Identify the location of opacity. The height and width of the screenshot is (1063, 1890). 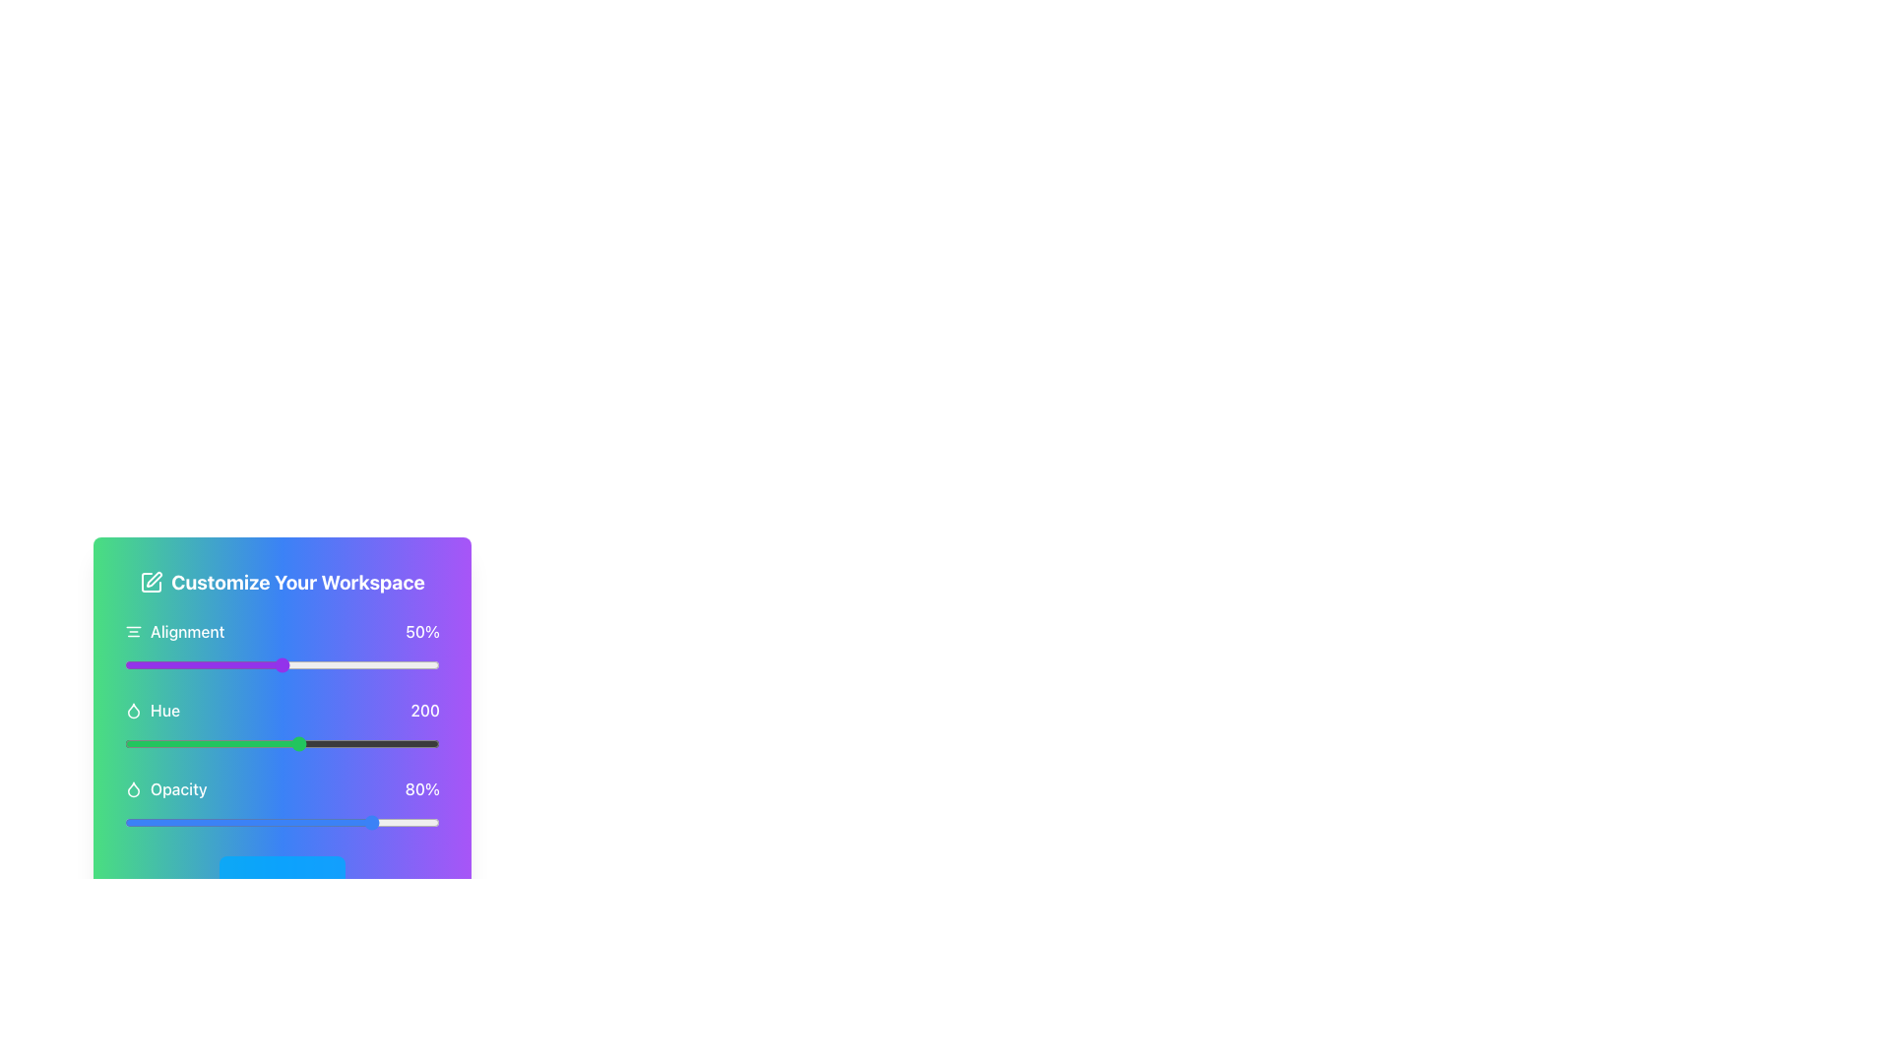
(140, 823).